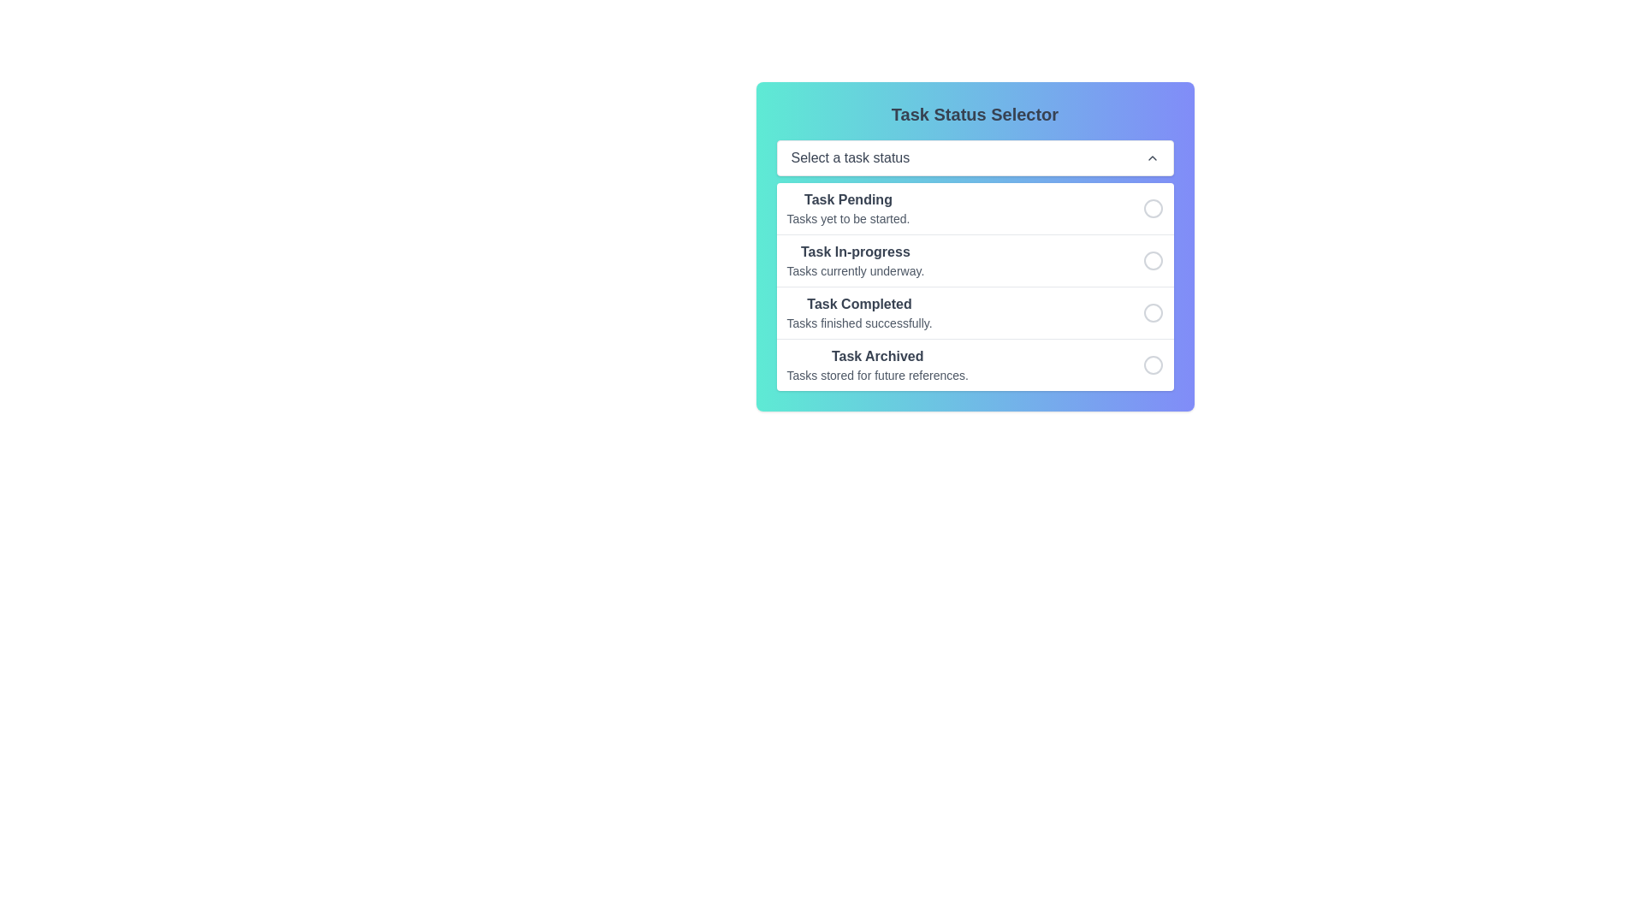 This screenshot has width=1643, height=924. What do you see at coordinates (1153, 260) in the screenshot?
I see `the second radio button for selecting the 'Task In-progress' option` at bounding box center [1153, 260].